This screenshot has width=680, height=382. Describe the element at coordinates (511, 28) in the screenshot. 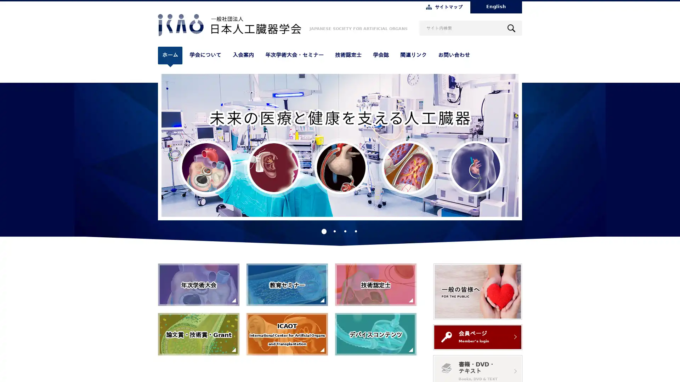

I see `Search` at that location.